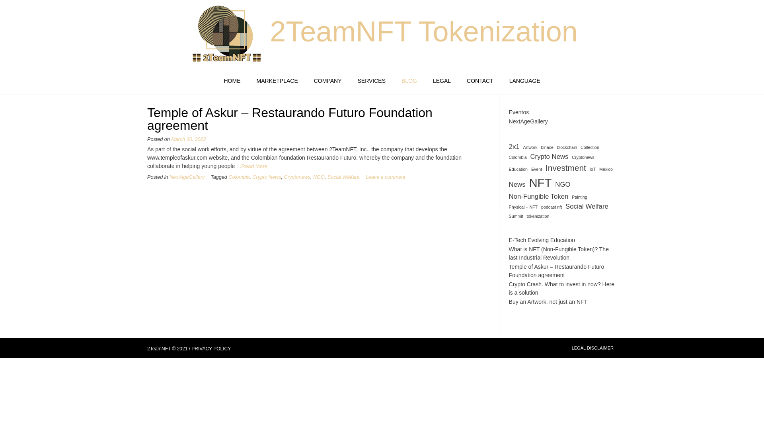 This screenshot has width=764, height=430. What do you see at coordinates (188, 139) in the screenshot?
I see `'March 30, 2022'` at bounding box center [188, 139].